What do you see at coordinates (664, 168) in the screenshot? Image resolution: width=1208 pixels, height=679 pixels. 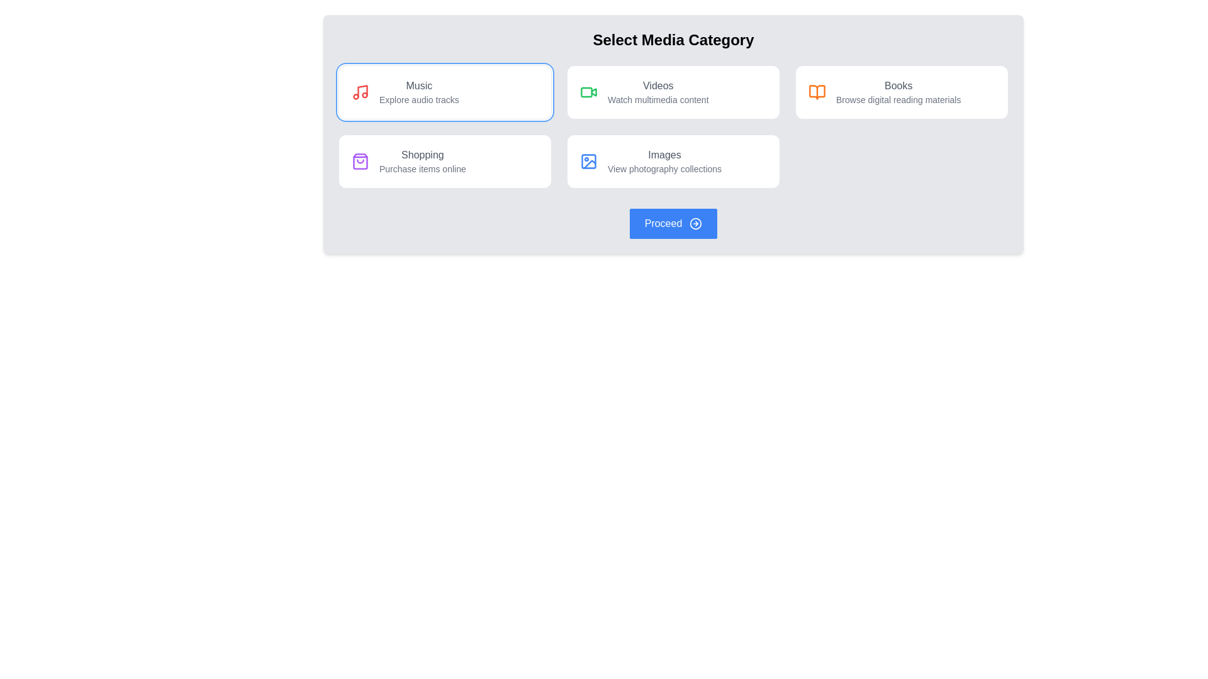 I see `the Text label that provides descriptive information related to the 'Images' category located below the main heading 'Images' in the media category selection area` at bounding box center [664, 168].